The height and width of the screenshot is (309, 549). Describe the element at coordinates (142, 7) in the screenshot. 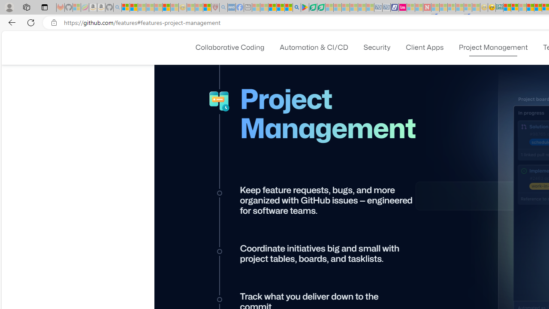

I see `'The Weather Channel - MSN - Sleeping'` at that location.